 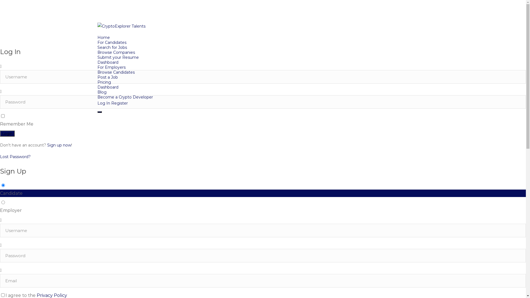 What do you see at coordinates (115, 72) in the screenshot?
I see `'Browse Candidates'` at bounding box center [115, 72].